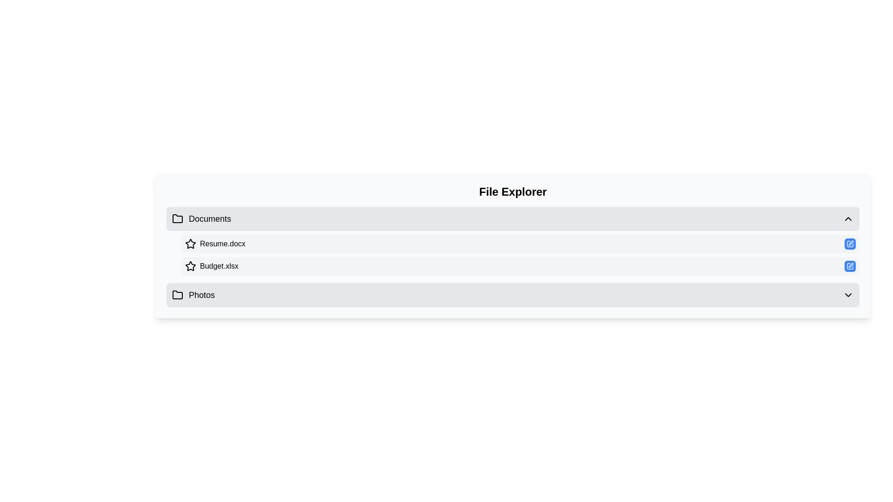 The image size is (893, 502). I want to click on the 'Documents' TextLabel with Icon, which serves as an identifier for a folder or section in the file listing interface, so click(201, 218).